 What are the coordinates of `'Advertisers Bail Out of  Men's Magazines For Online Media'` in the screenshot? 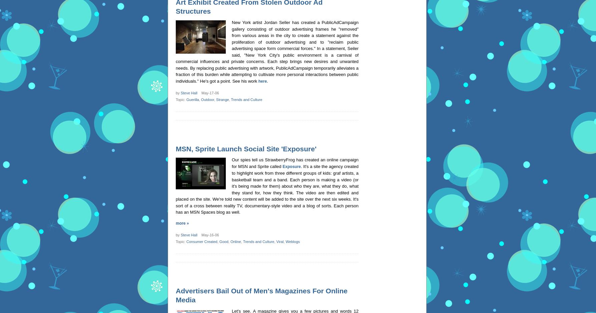 It's located at (261, 295).